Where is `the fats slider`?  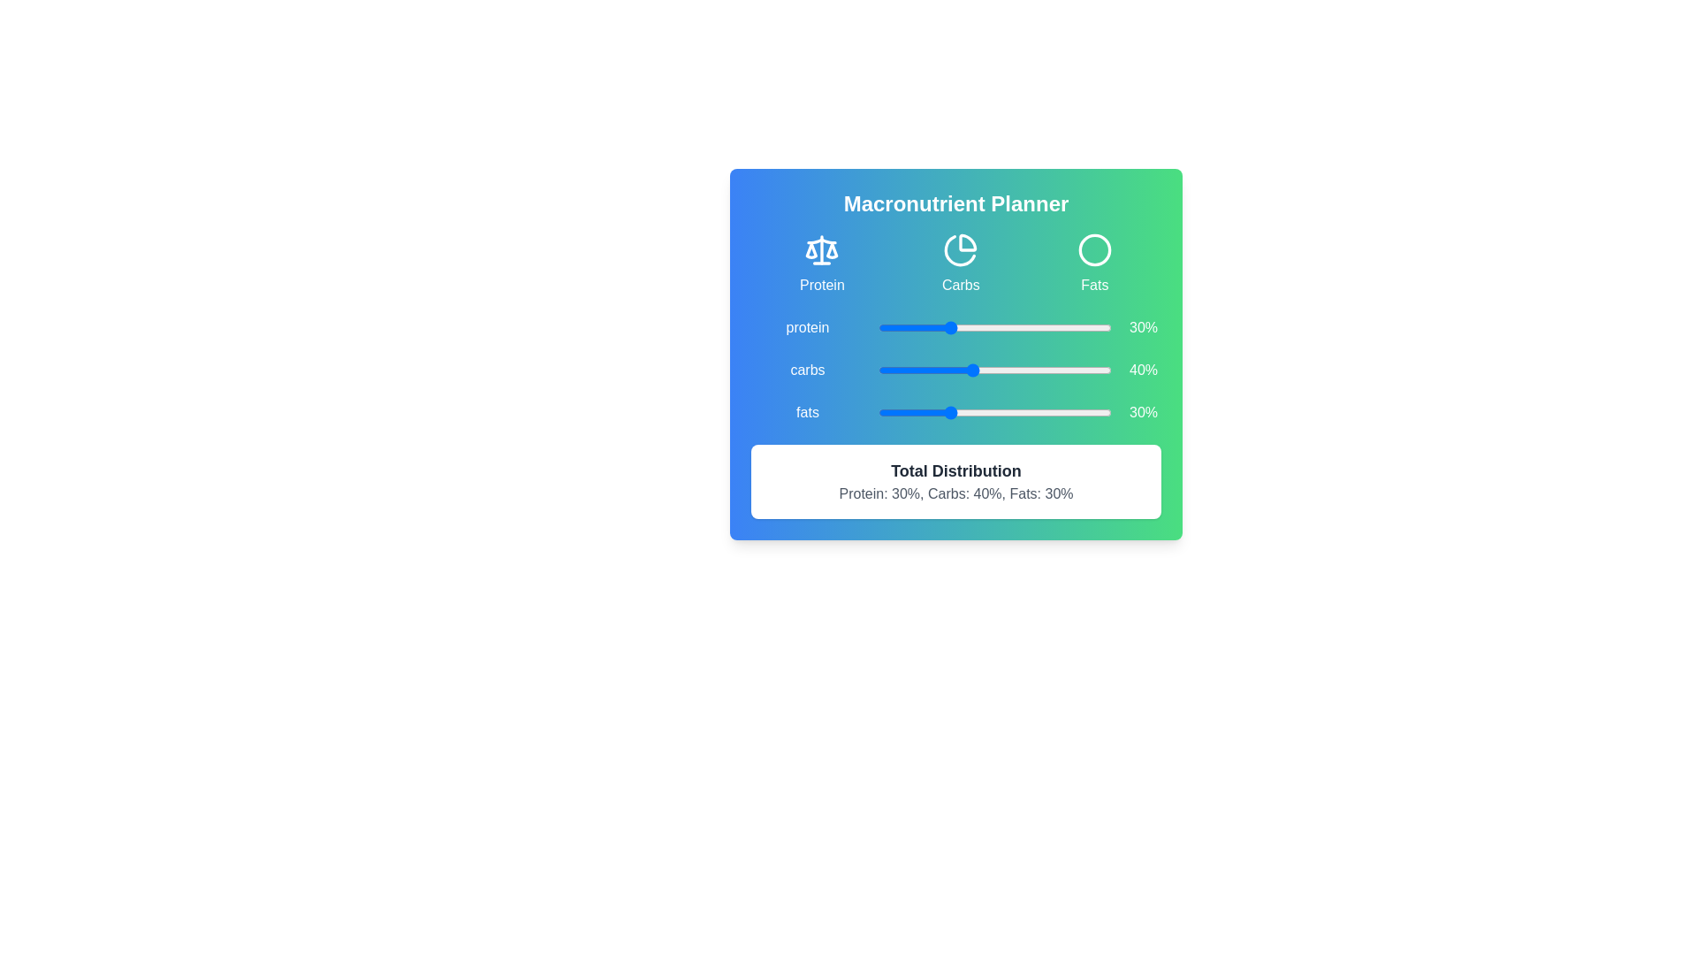 the fats slider is located at coordinates (1099, 412).